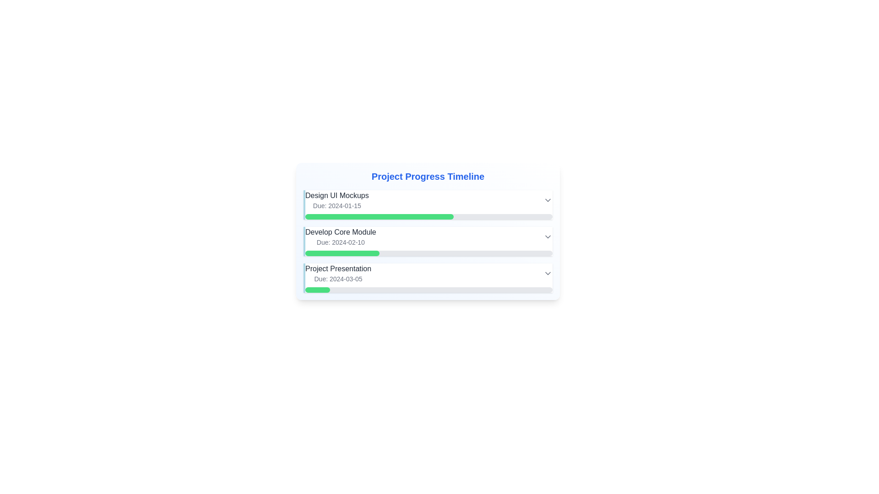 The image size is (879, 494). What do you see at coordinates (428, 200) in the screenshot?
I see `the first task entry in the project timeline` at bounding box center [428, 200].